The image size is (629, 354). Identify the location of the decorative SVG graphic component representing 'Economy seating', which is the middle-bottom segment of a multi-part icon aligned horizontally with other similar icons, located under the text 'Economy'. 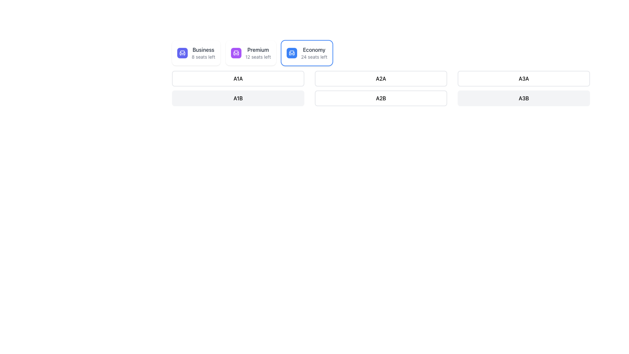
(291, 53).